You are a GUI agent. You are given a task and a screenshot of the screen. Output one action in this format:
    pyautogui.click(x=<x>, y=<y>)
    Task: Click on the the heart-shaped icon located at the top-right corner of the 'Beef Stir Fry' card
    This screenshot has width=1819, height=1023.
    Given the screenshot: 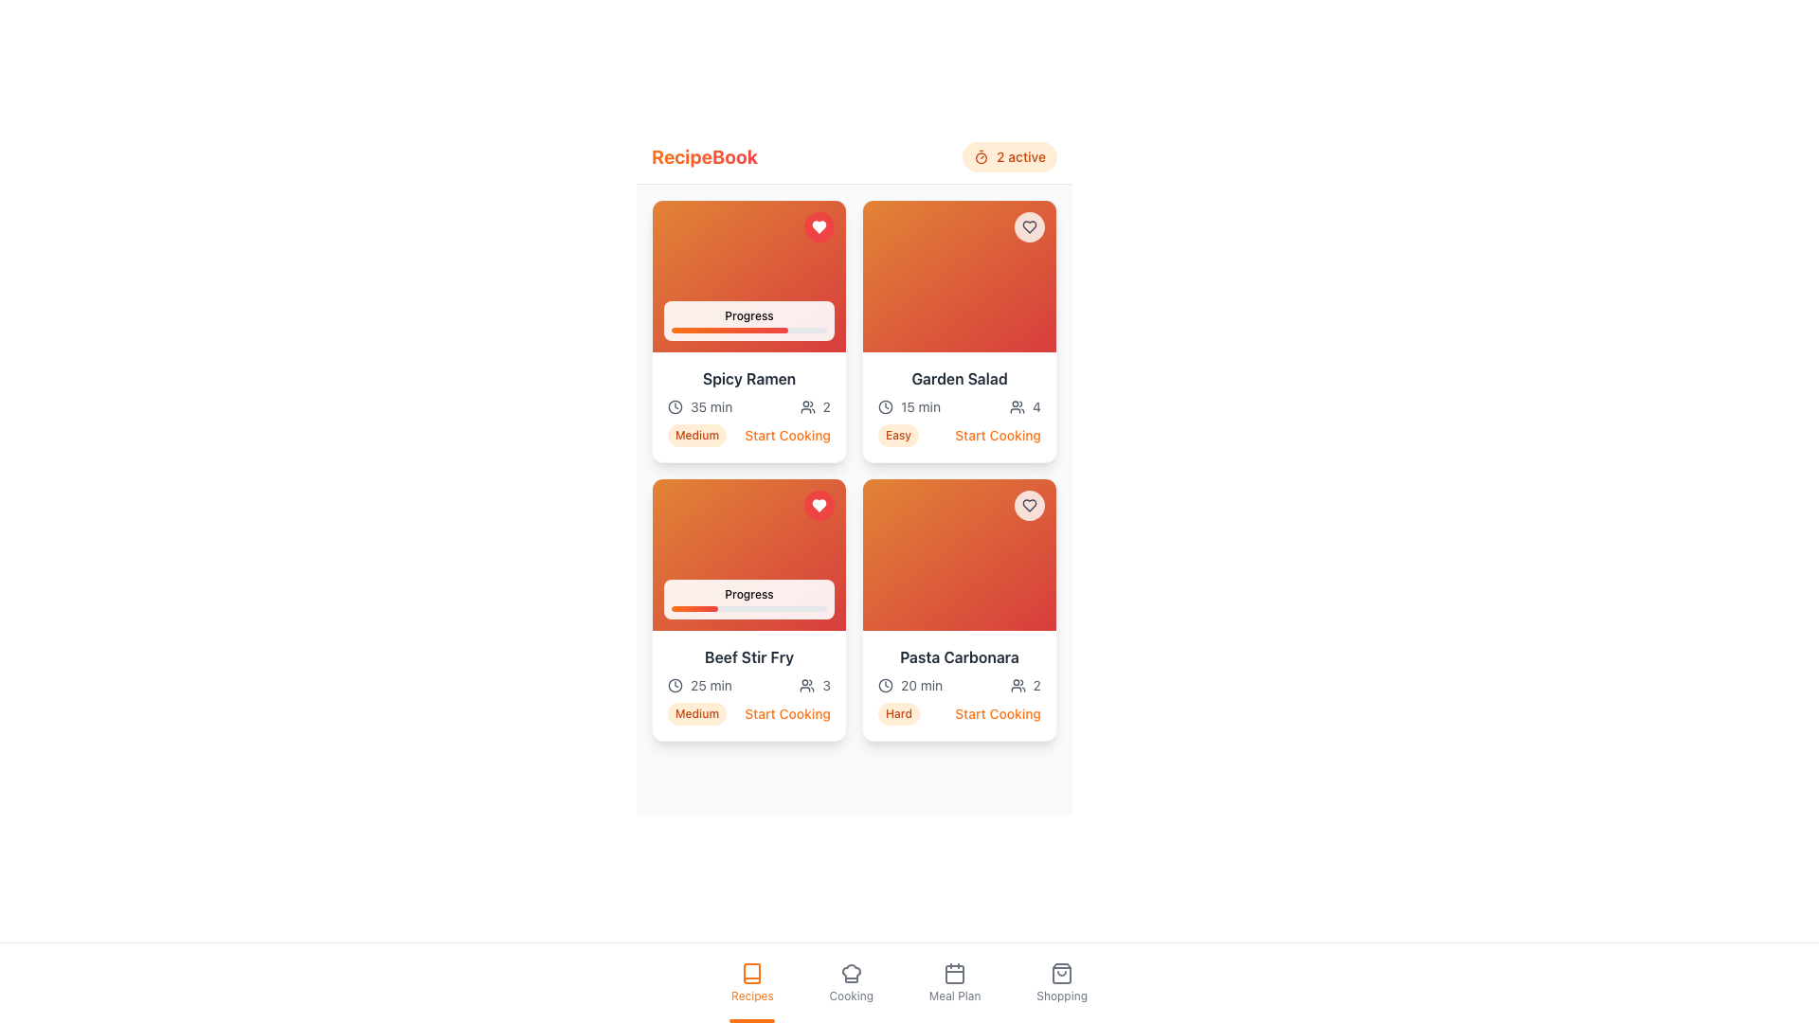 What is the action you would take?
    pyautogui.click(x=819, y=504)
    